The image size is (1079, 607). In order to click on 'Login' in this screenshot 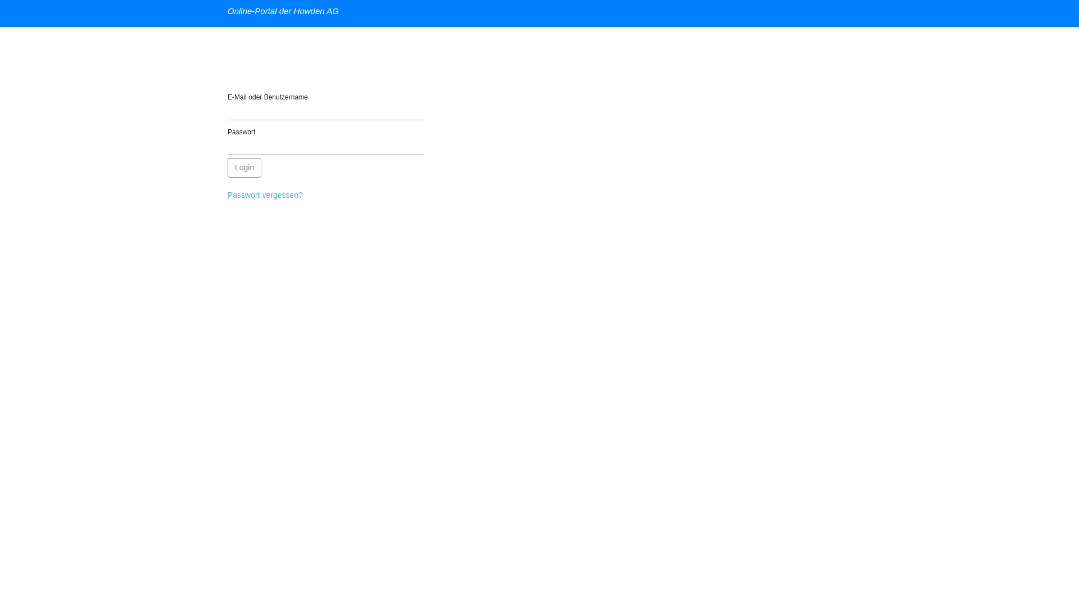, I will do `click(244, 167)`.